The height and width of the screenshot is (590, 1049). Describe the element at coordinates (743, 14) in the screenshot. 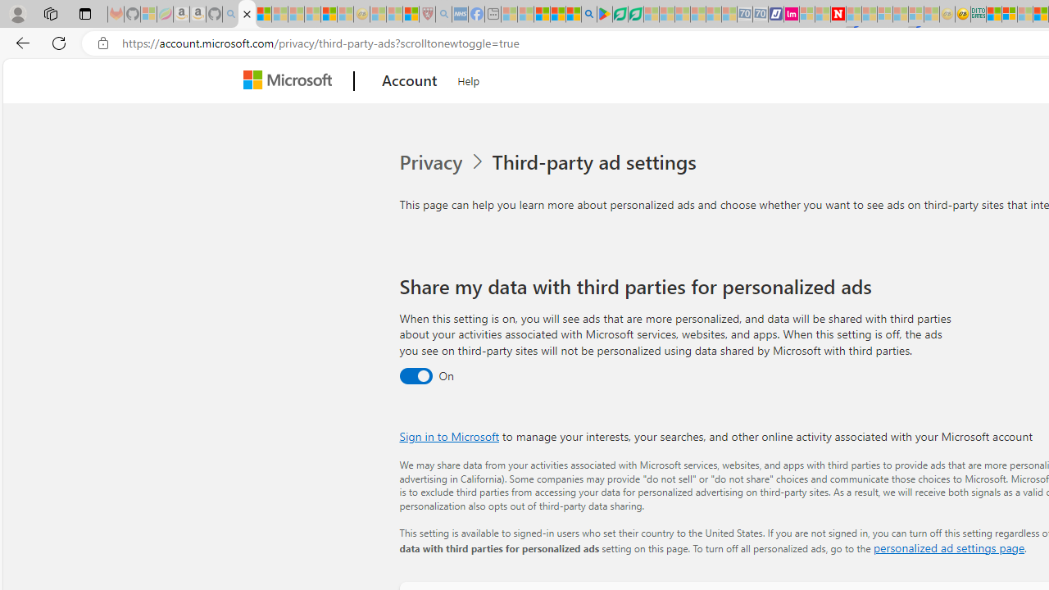

I see `'Cheap Car Rentals - Save70.com - Sleeping'` at that location.